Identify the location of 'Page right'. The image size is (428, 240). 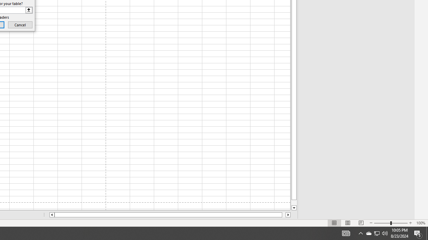
(284, 215).